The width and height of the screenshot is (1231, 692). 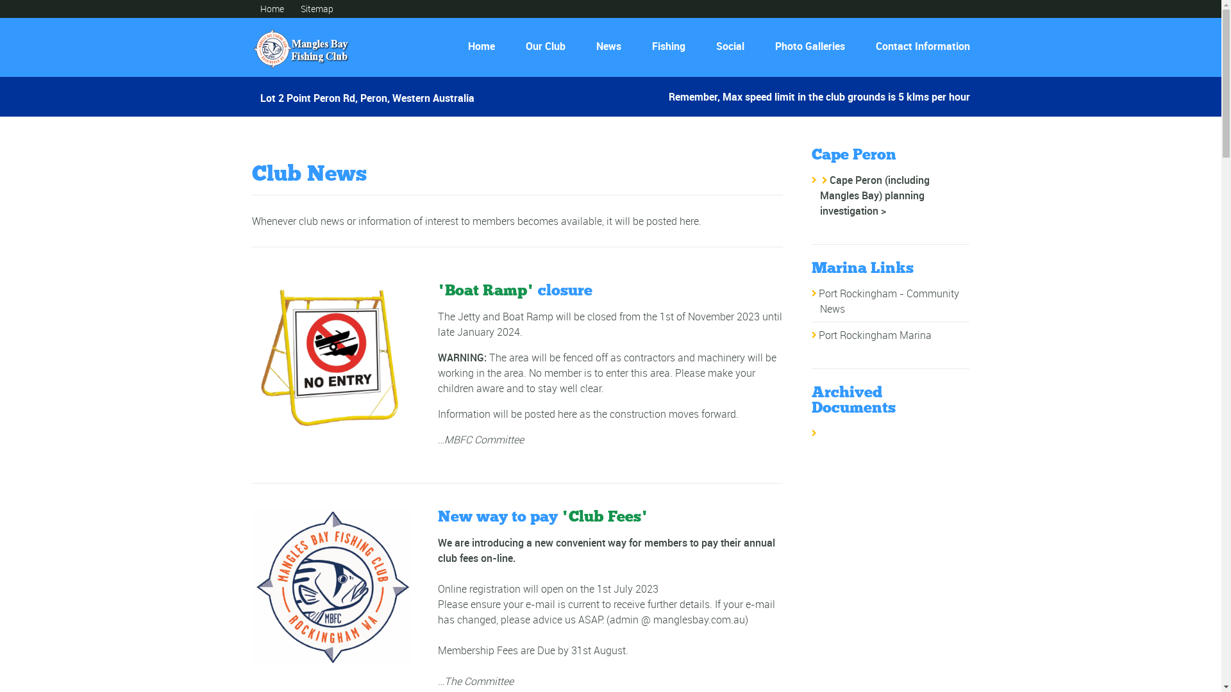 What do you see at coordinates (608, 45) in the screenshot?
I see `'News'` at bounding box center [608, 45].